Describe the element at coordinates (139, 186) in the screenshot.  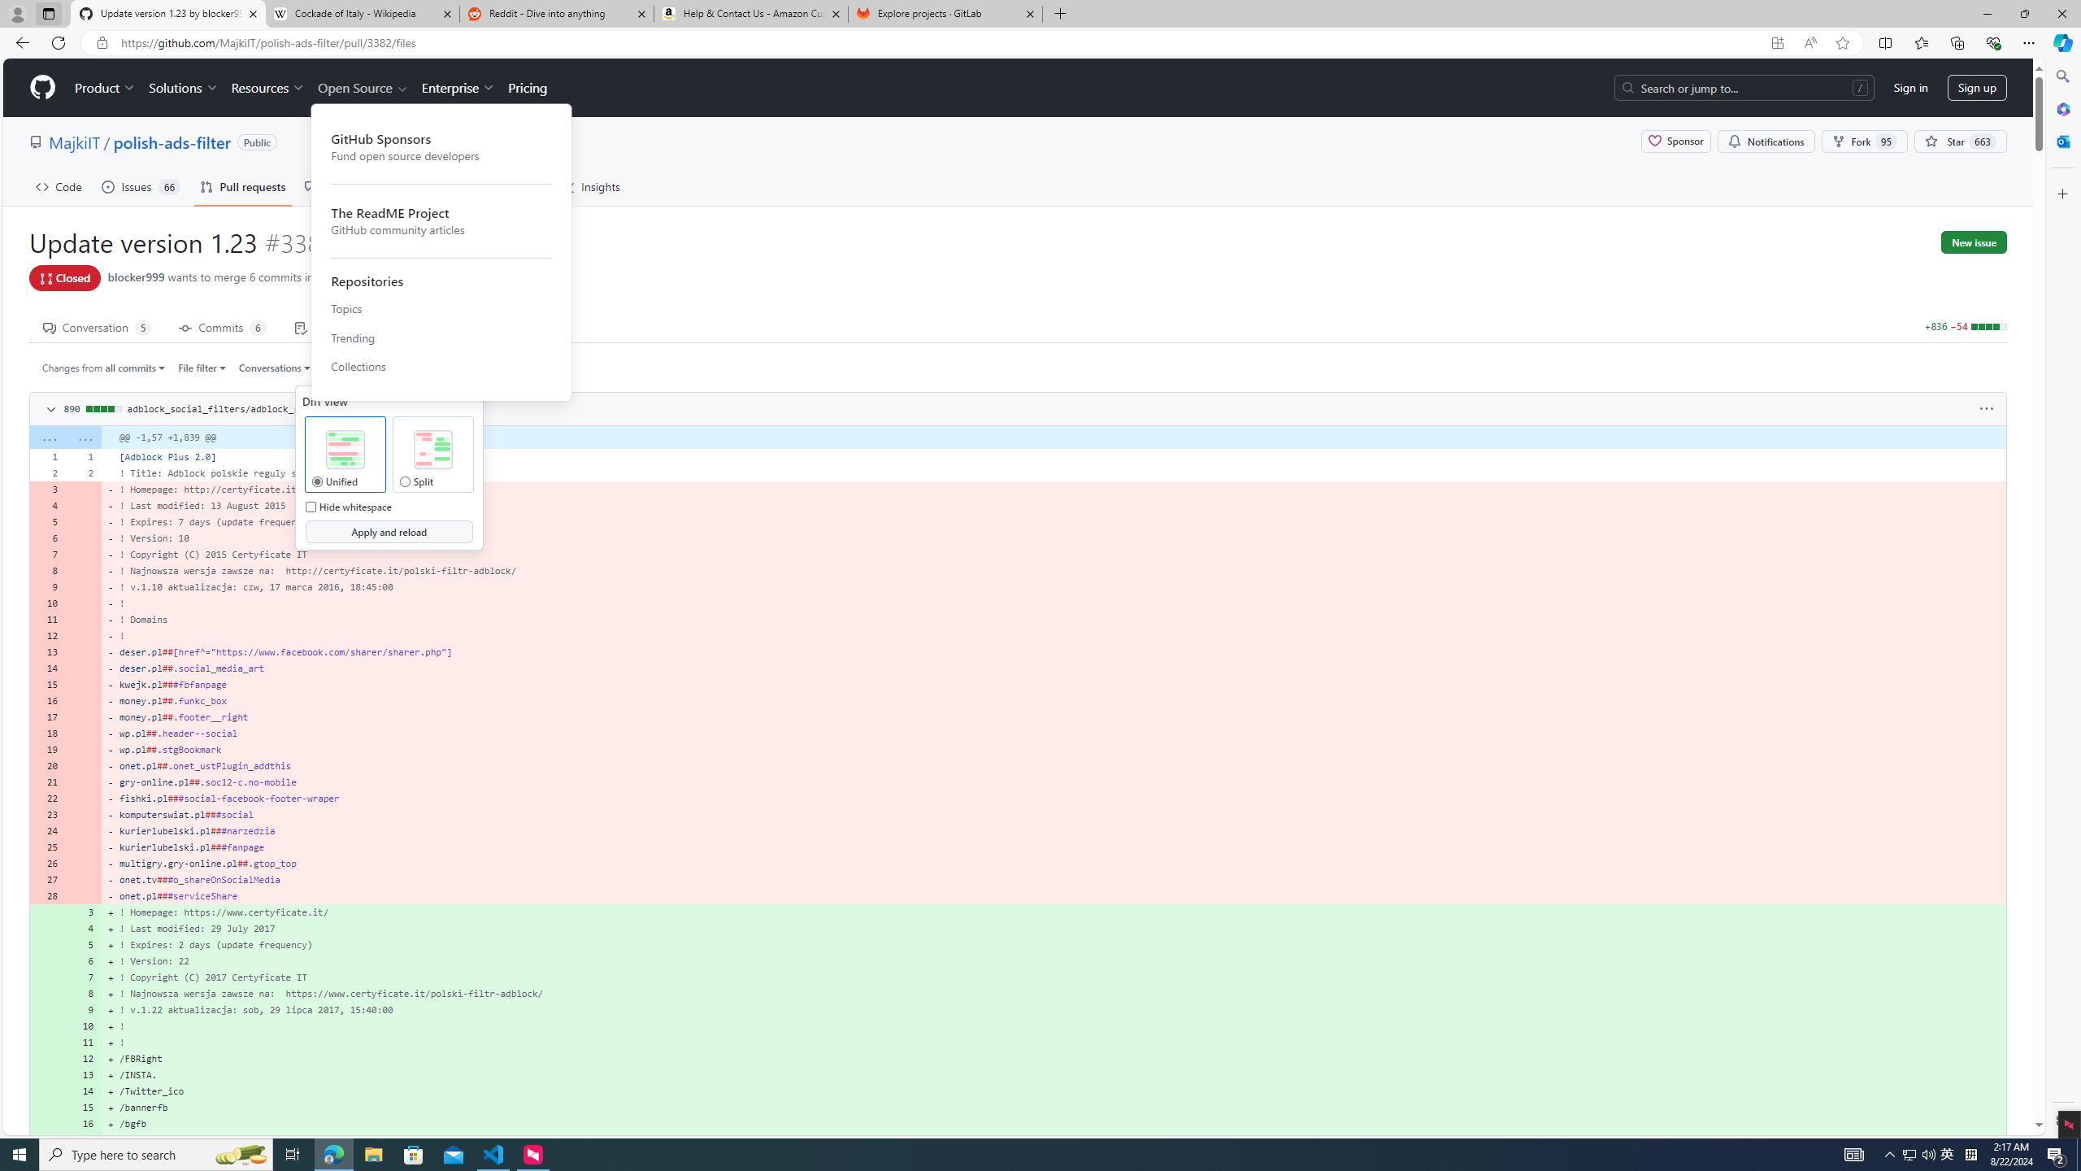
I see `'Issues 66'` at that location.